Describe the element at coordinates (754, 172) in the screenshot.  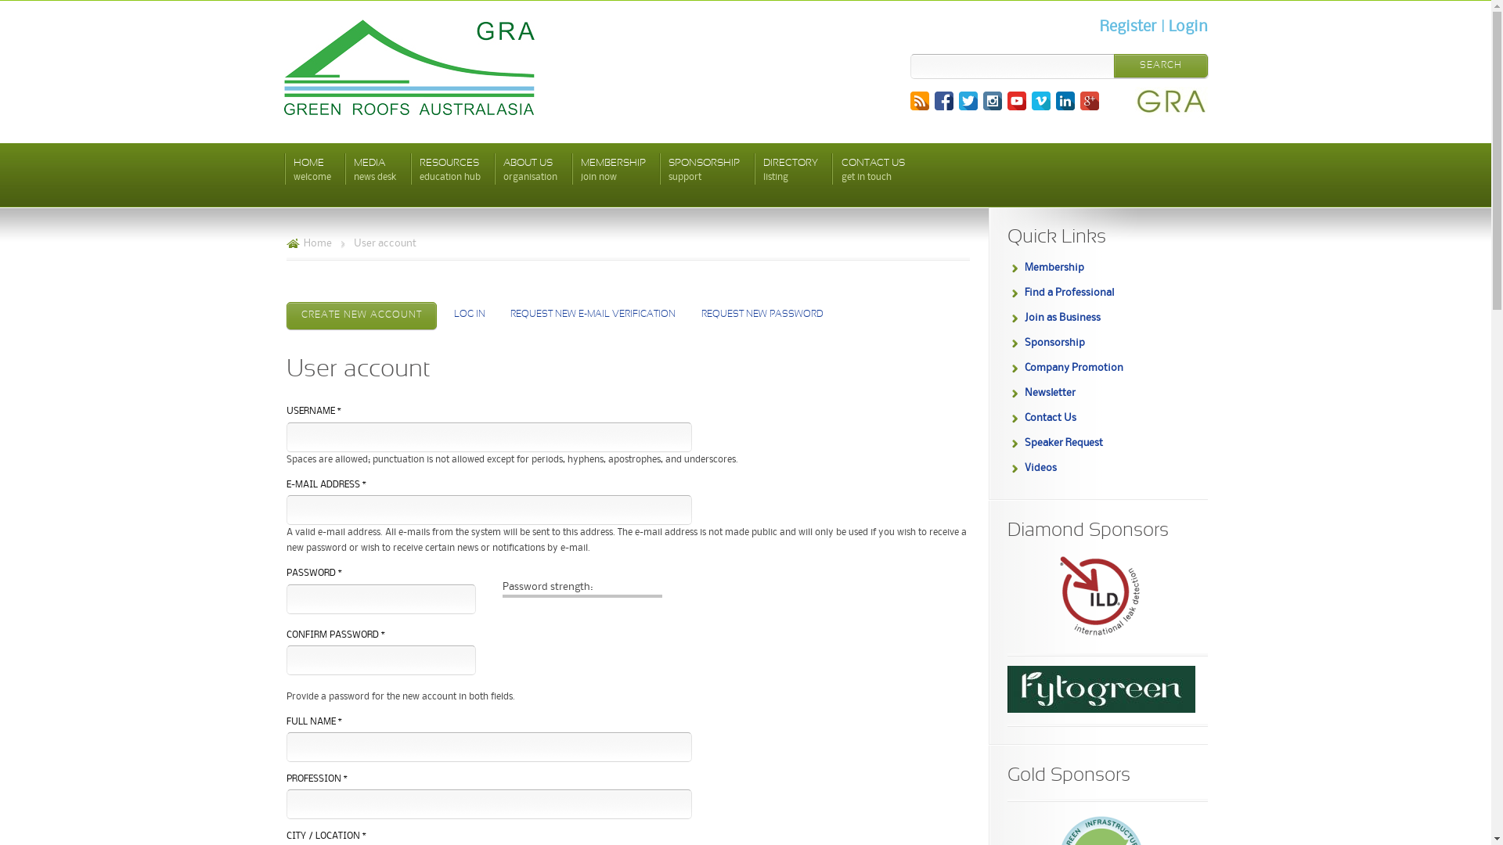
I see `'DIRECTORY` at that location.